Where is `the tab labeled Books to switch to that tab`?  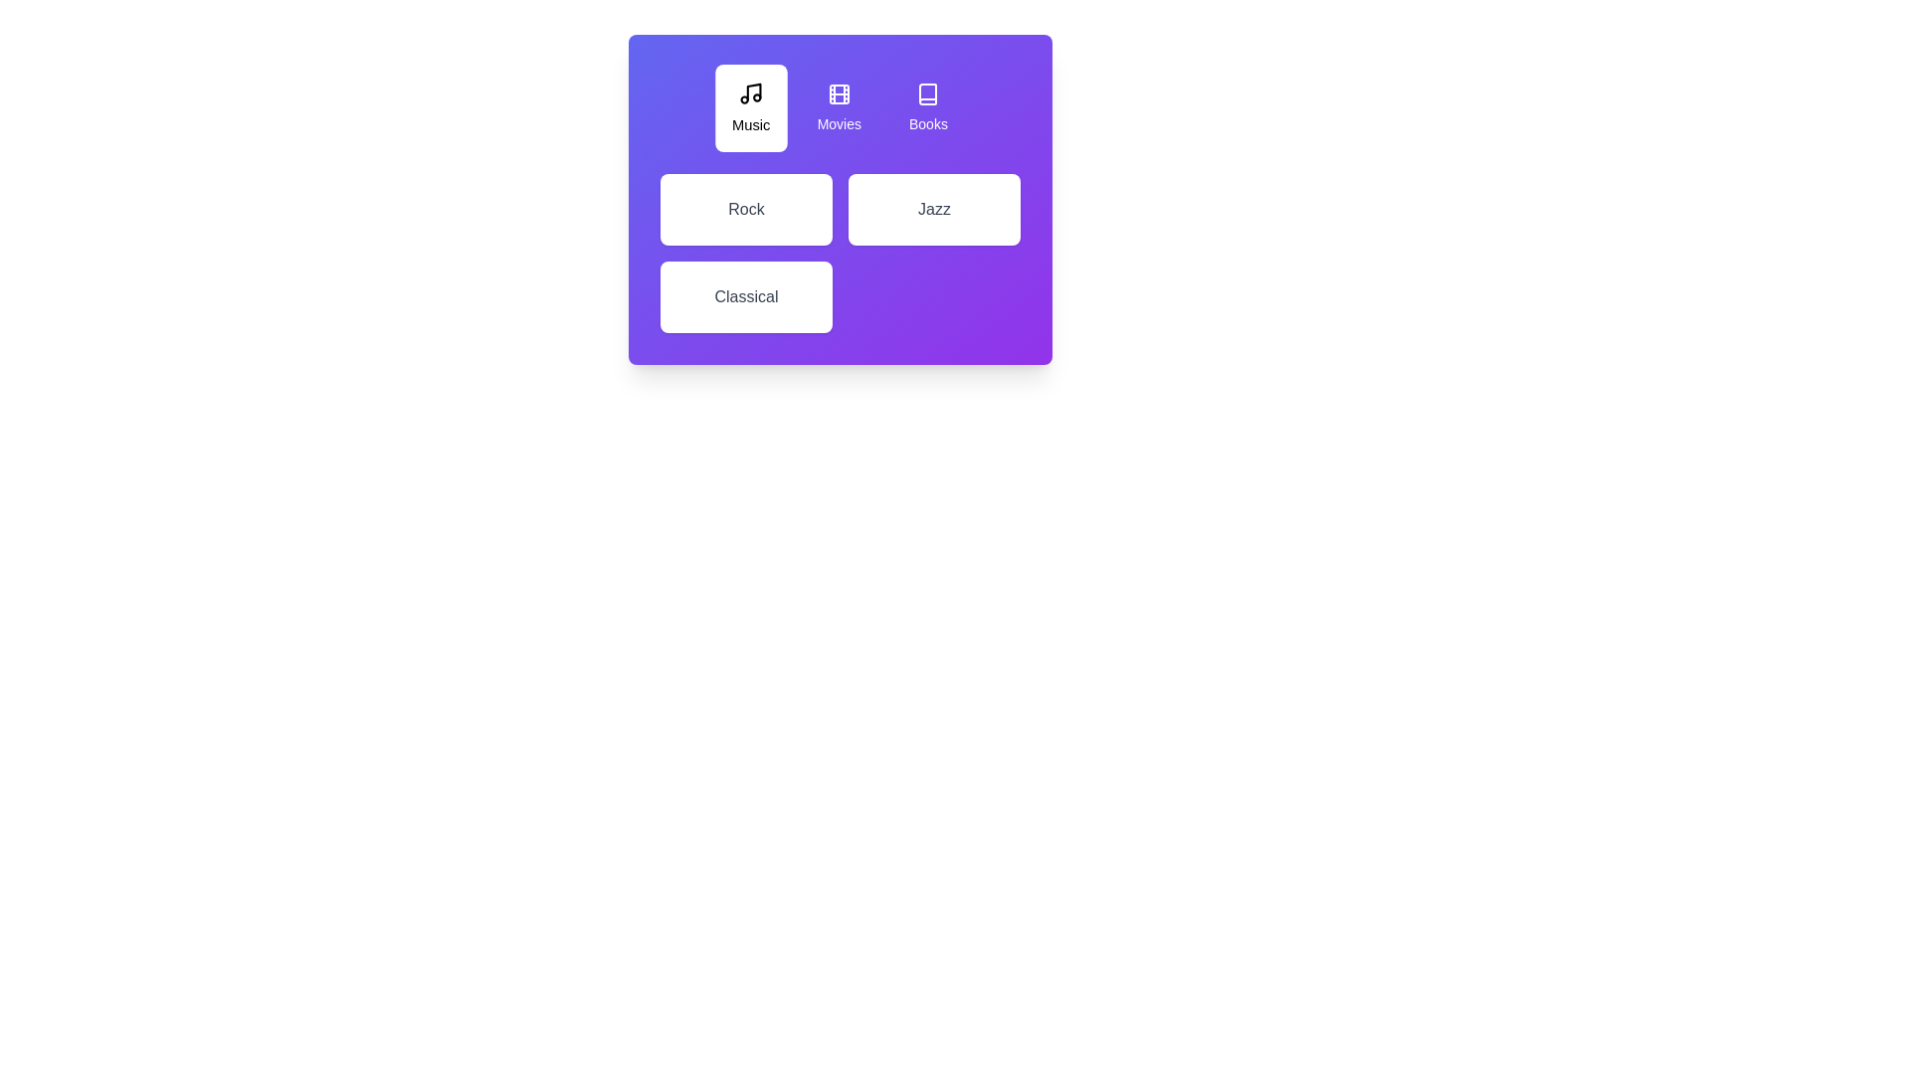 the tab labeled Books to switch to that tab is located at coordinates (927, 107).